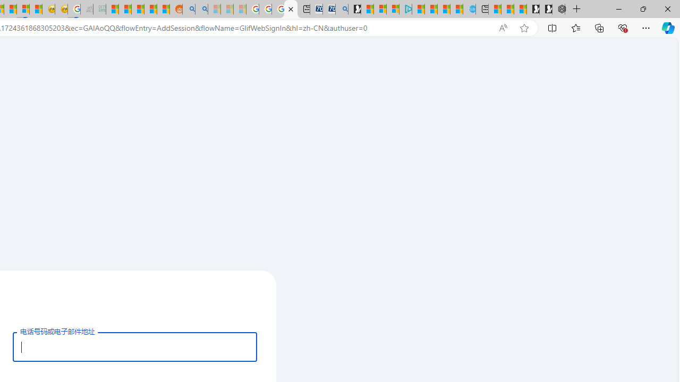 The image size is (680, 382). I want to click on 'Nordace - Nordace Siena Is Not An Ordinary Backpack', so click(558, 9).